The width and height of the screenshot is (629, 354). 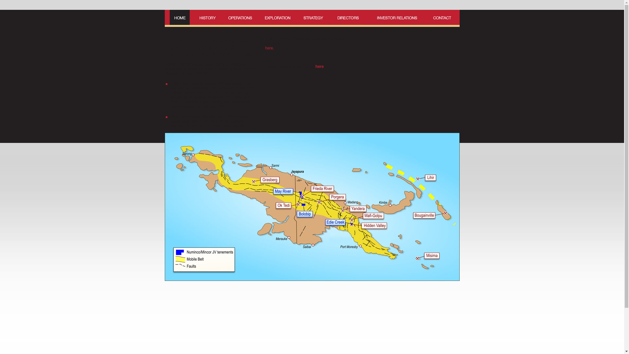 What do you see at coordinates (314, 67) in the screenshot?
I see `' here'` at bounding box center [314, 67].